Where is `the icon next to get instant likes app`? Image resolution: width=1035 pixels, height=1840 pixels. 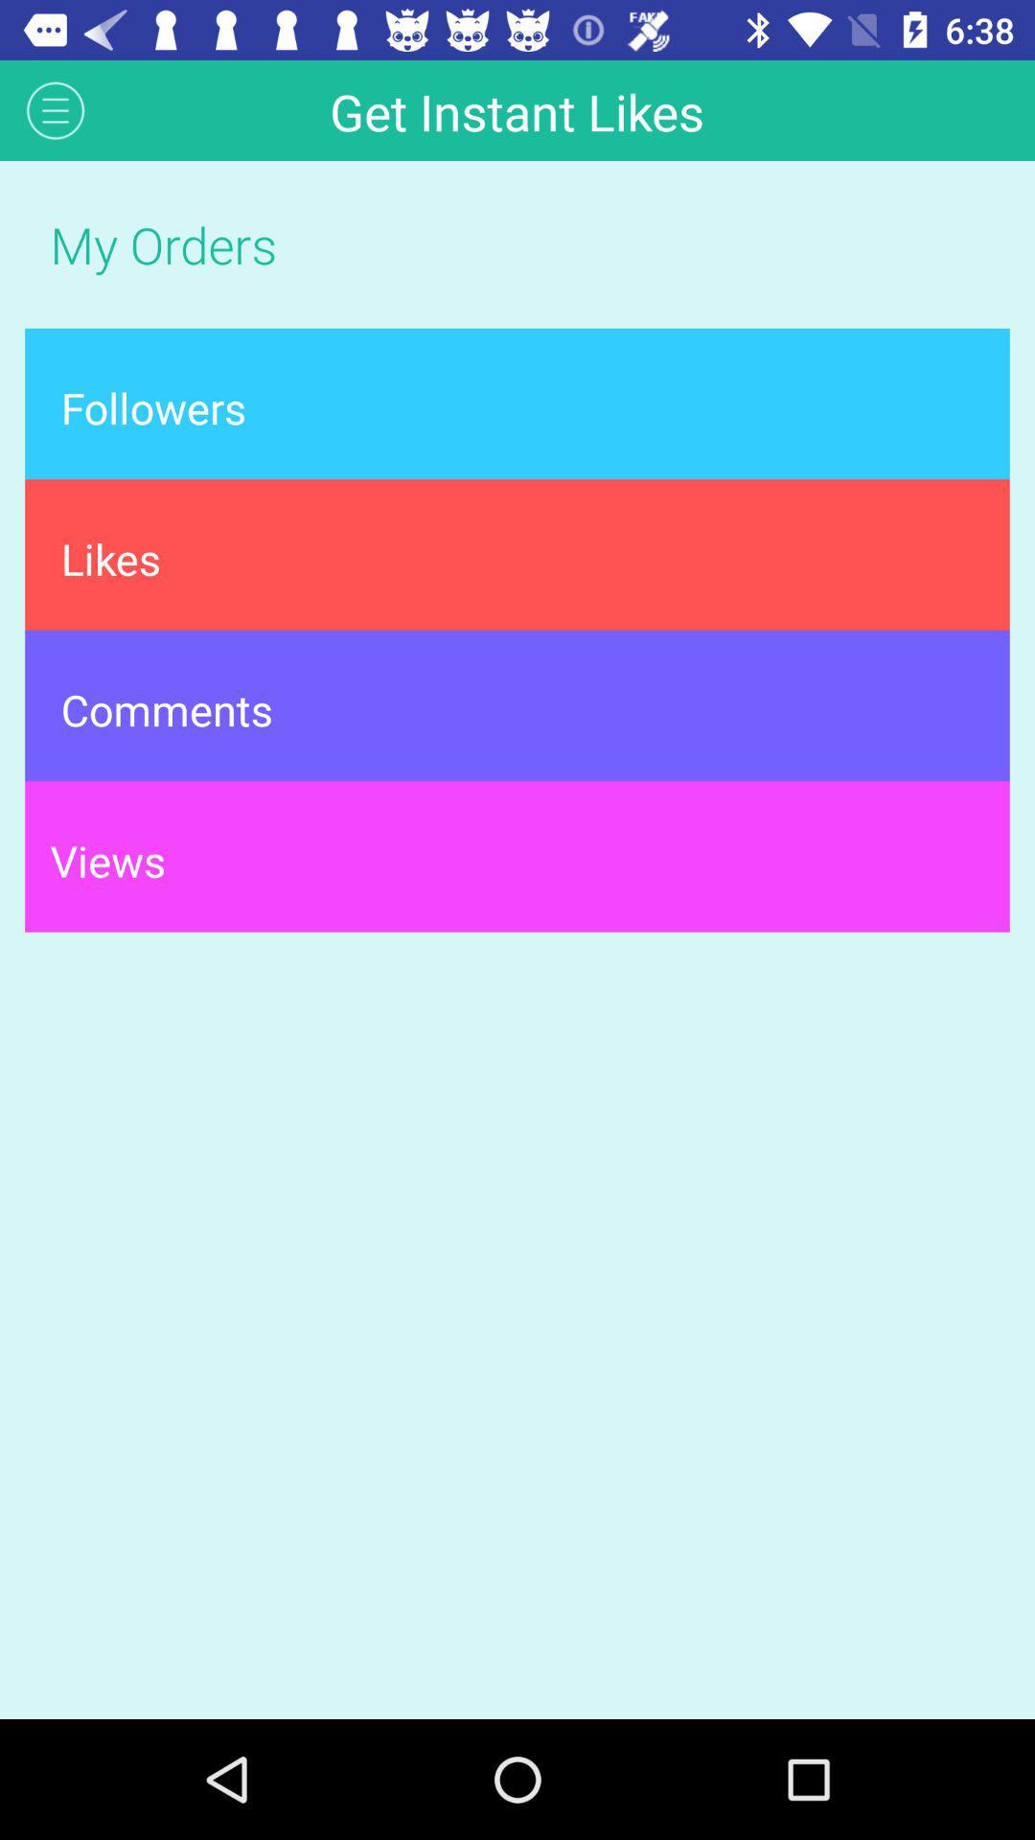 the icon next to get instant likes app is located at coordinates (55, 109).